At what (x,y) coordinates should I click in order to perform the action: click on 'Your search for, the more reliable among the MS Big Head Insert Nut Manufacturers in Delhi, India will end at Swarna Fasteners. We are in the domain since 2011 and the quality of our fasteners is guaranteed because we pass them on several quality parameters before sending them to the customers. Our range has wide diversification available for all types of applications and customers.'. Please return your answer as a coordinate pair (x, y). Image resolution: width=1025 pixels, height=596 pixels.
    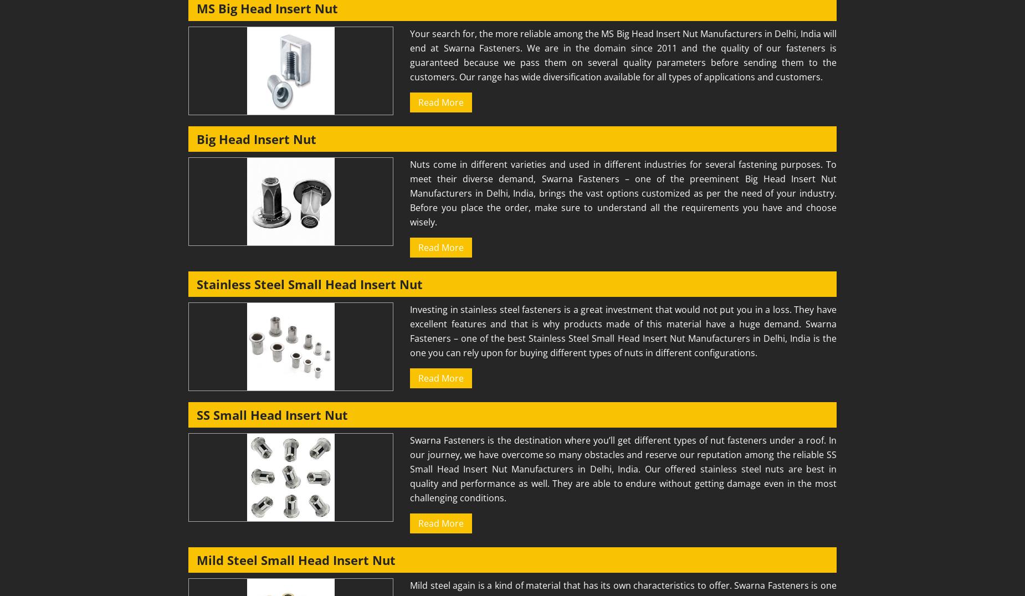
    Looking at the image, I should click on (622, 54).